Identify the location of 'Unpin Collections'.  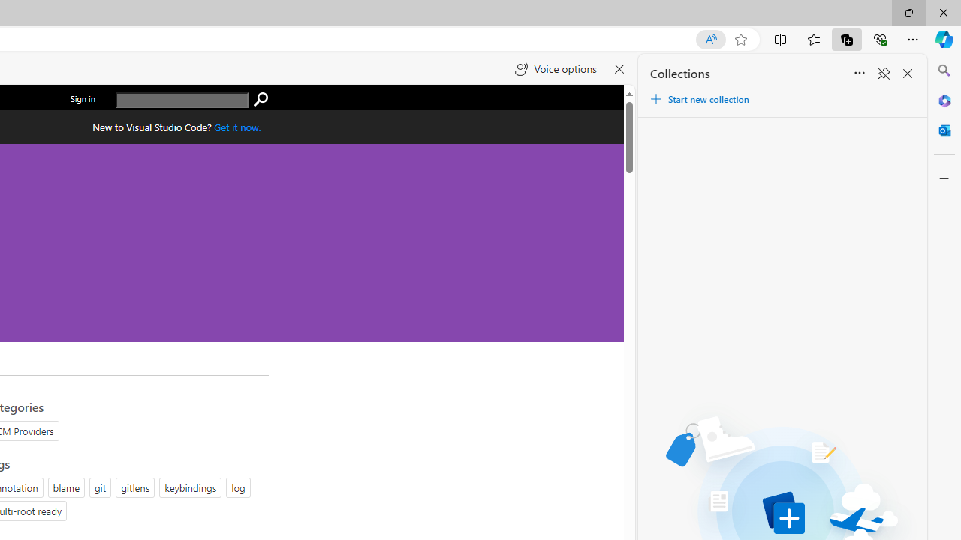
(883, 73).